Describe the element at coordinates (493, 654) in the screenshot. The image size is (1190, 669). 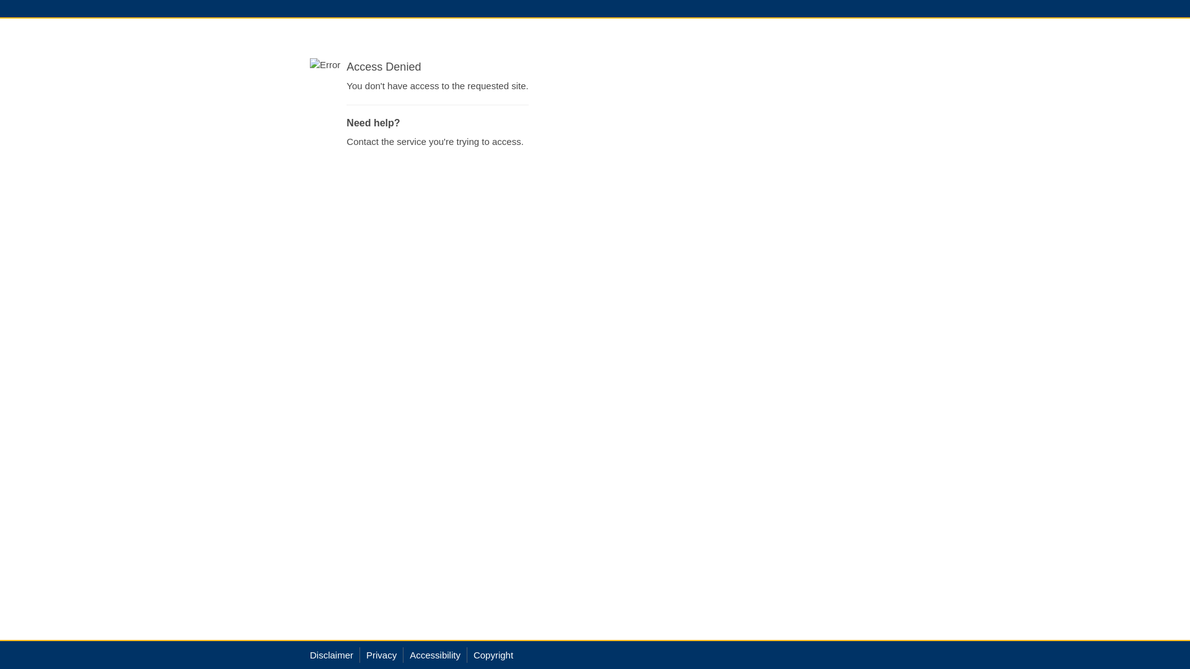
I see `'Copyright'` at that location.